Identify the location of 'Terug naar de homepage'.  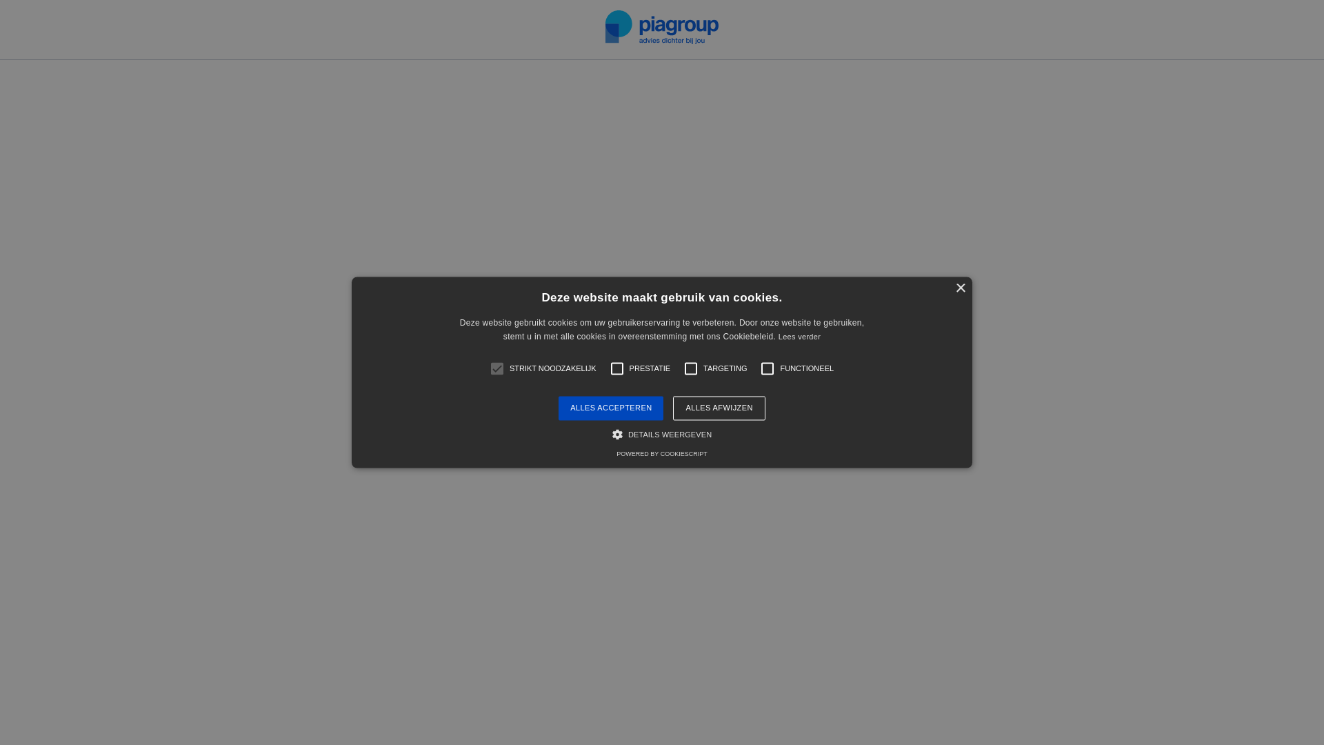
(661, 452).